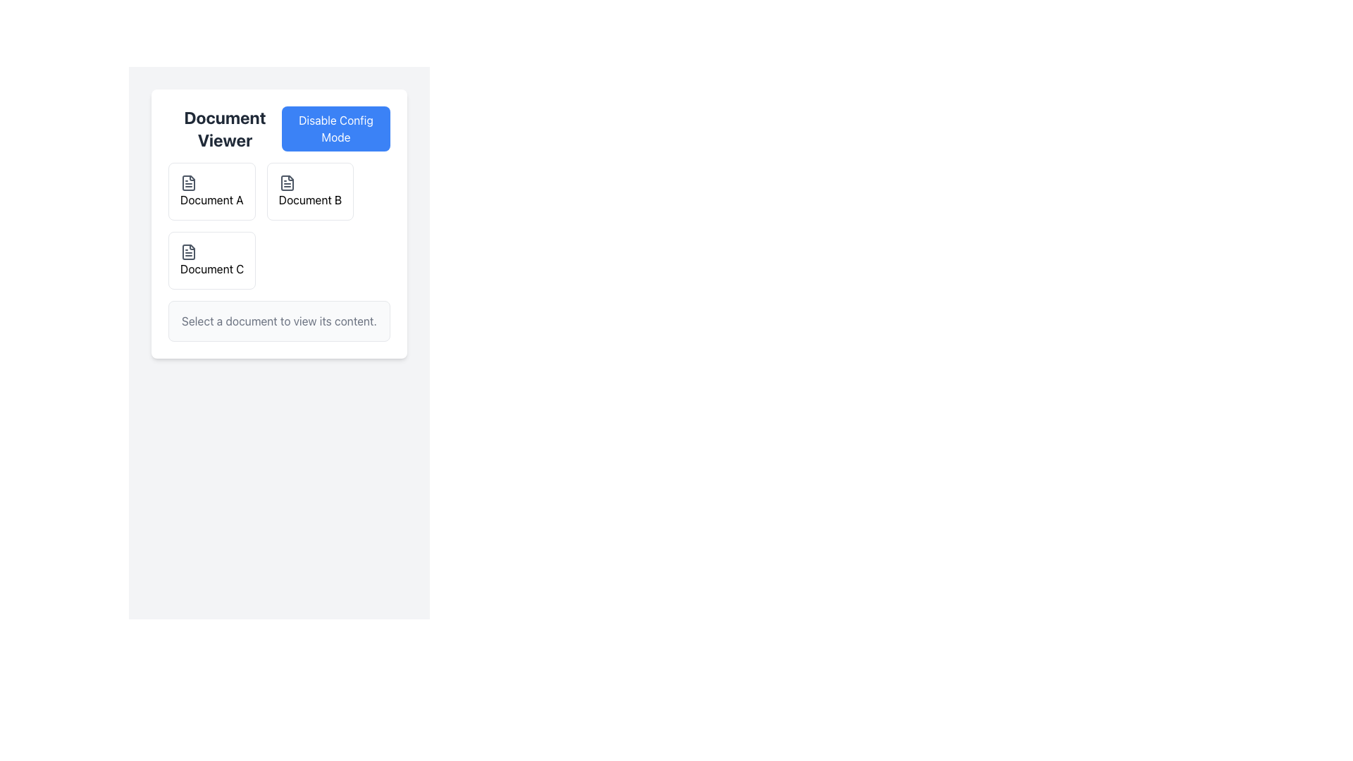 The height and width of the screenshot is (761, 1353). What do you see at coordinates (309, 192) in the screenshot?
I see `the second card labeled 'Document B', which features a file icon at the top and a light border with a shadow effect` at bounding box center [309, 192].